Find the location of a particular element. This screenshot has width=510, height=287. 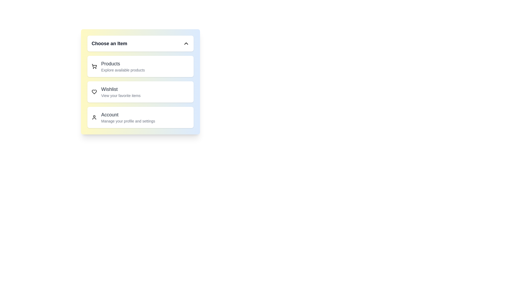

main menu button to toggle the menu state is located at coordinates (140, 43).